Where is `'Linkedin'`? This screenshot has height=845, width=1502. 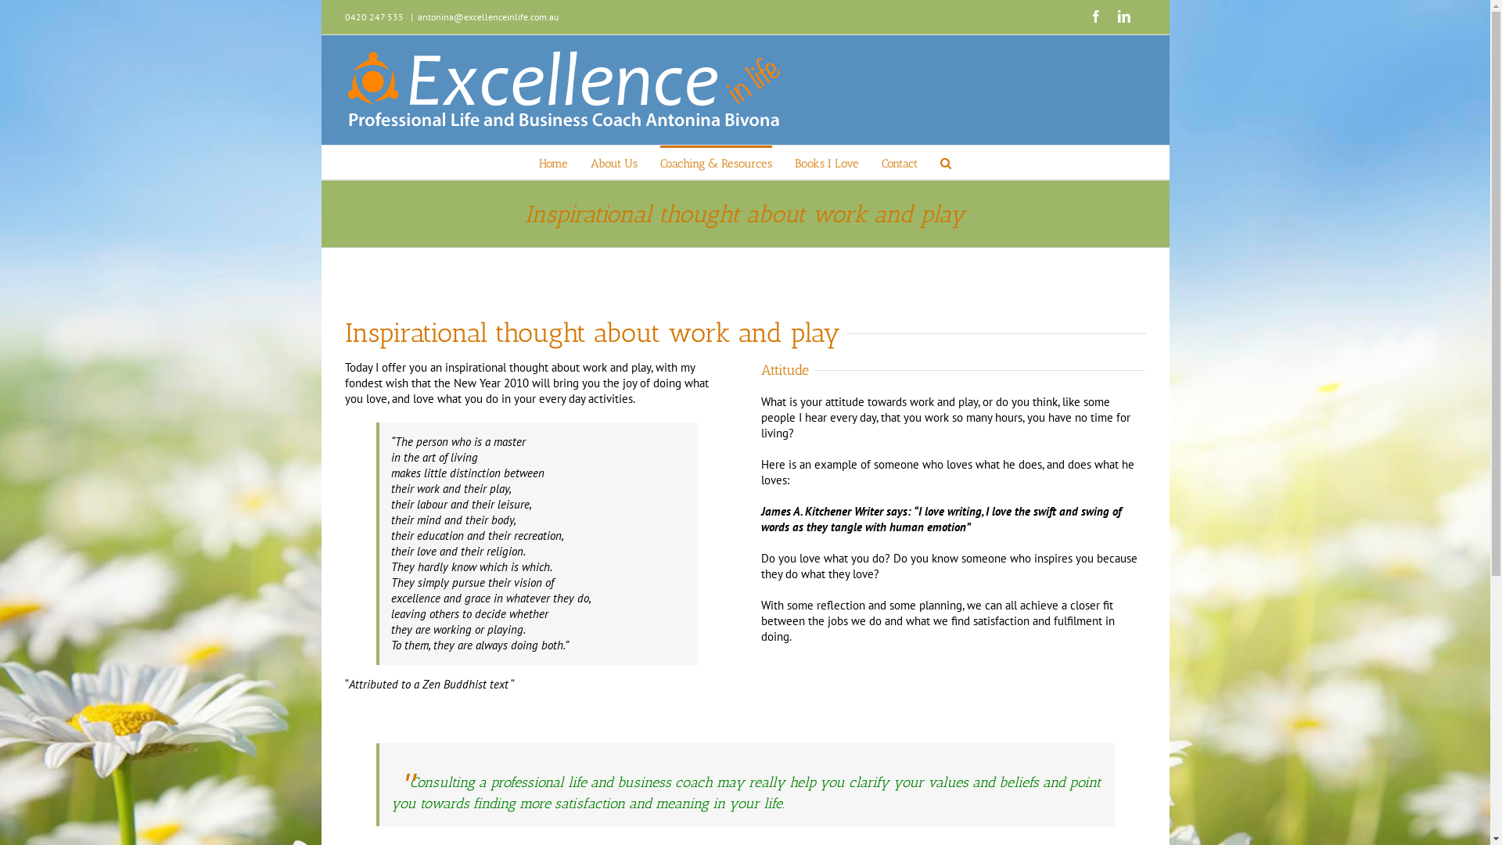 'Linkedin' is located at coordinates (1116, 16).